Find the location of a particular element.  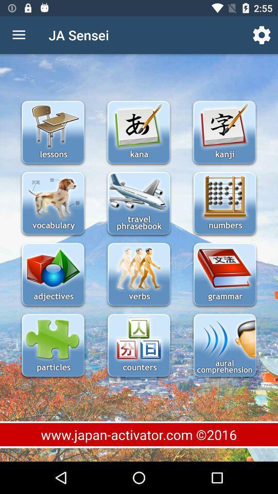

lessons is located at coordinates (53, 133).